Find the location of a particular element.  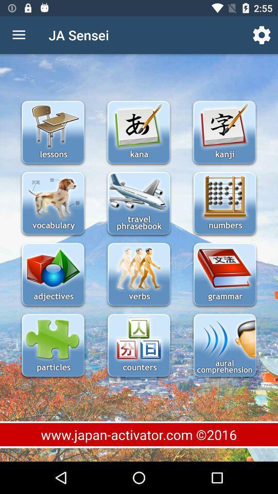

lessons is located at coordinates (53, 133).